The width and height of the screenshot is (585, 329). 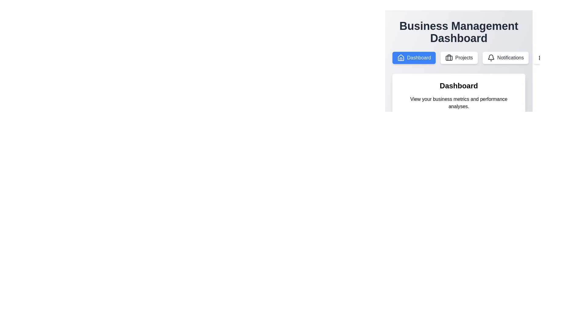 I want to click on the Notifications button, which is a rectangular button with a bell icon and 'Notifications' text, located in the top horizontal menu, so click(x=505, y=58).